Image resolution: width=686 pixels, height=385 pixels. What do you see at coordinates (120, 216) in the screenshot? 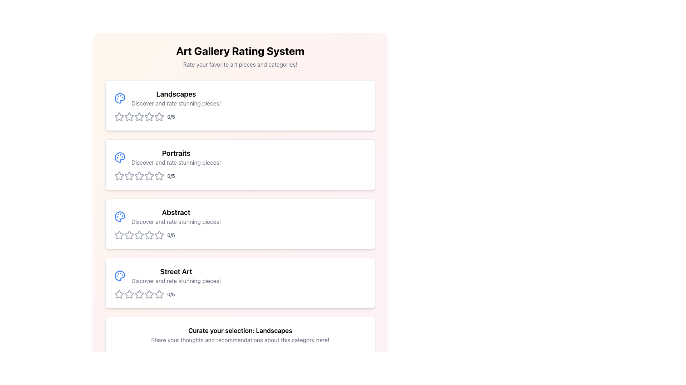
I see `the blue rounded shape vector graphic representing a paint palette located in the 'Abstract' section of the third category card from the top` at bounding box center [120, 216].